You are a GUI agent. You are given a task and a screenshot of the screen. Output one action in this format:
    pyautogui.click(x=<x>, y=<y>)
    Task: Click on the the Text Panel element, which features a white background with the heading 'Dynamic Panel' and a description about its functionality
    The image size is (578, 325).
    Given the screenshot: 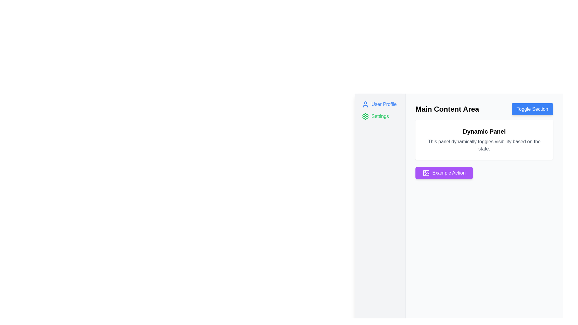 What is the action you would take?
    pyautogui.click(x=484, y=140)
    